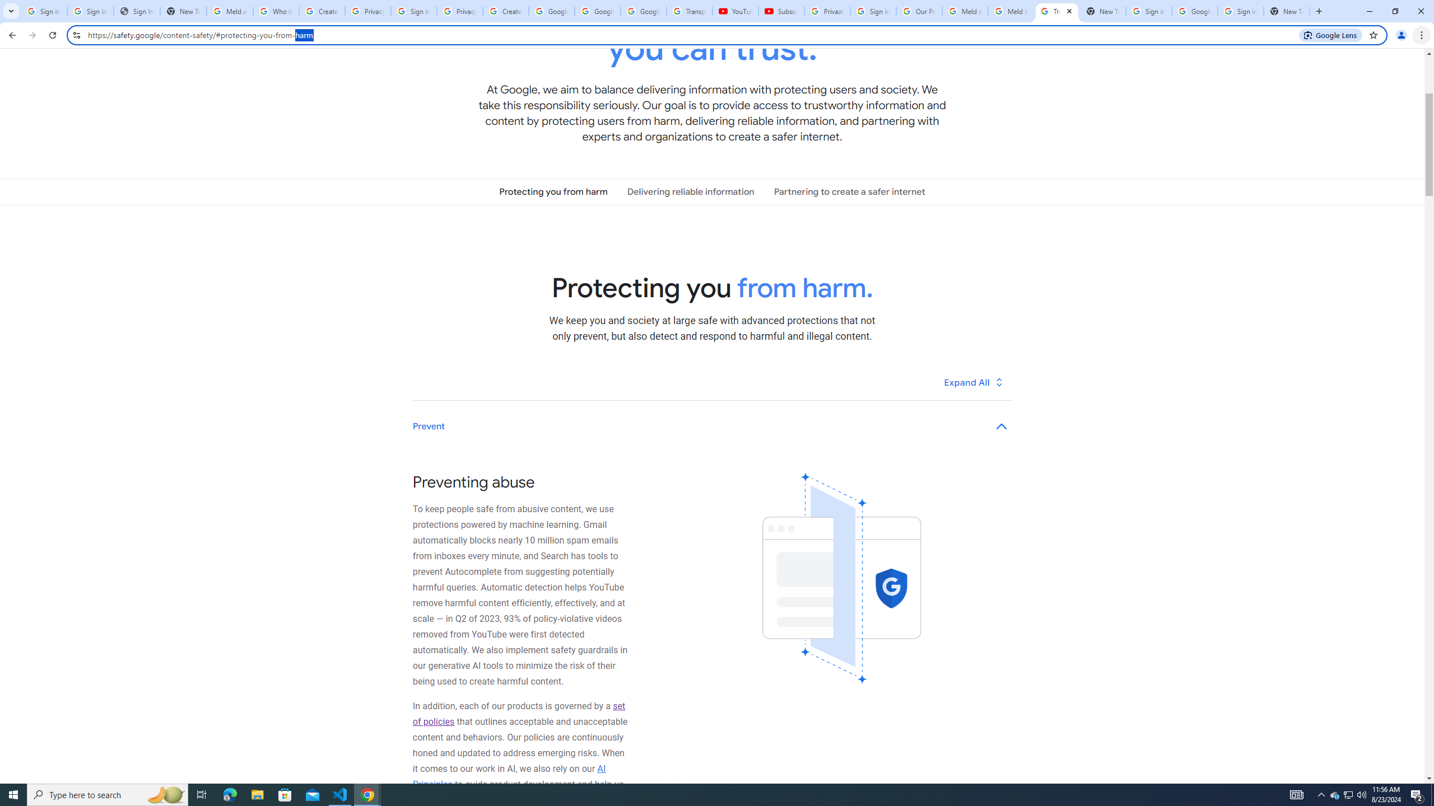  Describe the element at coordinates (1330, 34) in the screenshot. I see `'Search with Google Lens'` at that location.